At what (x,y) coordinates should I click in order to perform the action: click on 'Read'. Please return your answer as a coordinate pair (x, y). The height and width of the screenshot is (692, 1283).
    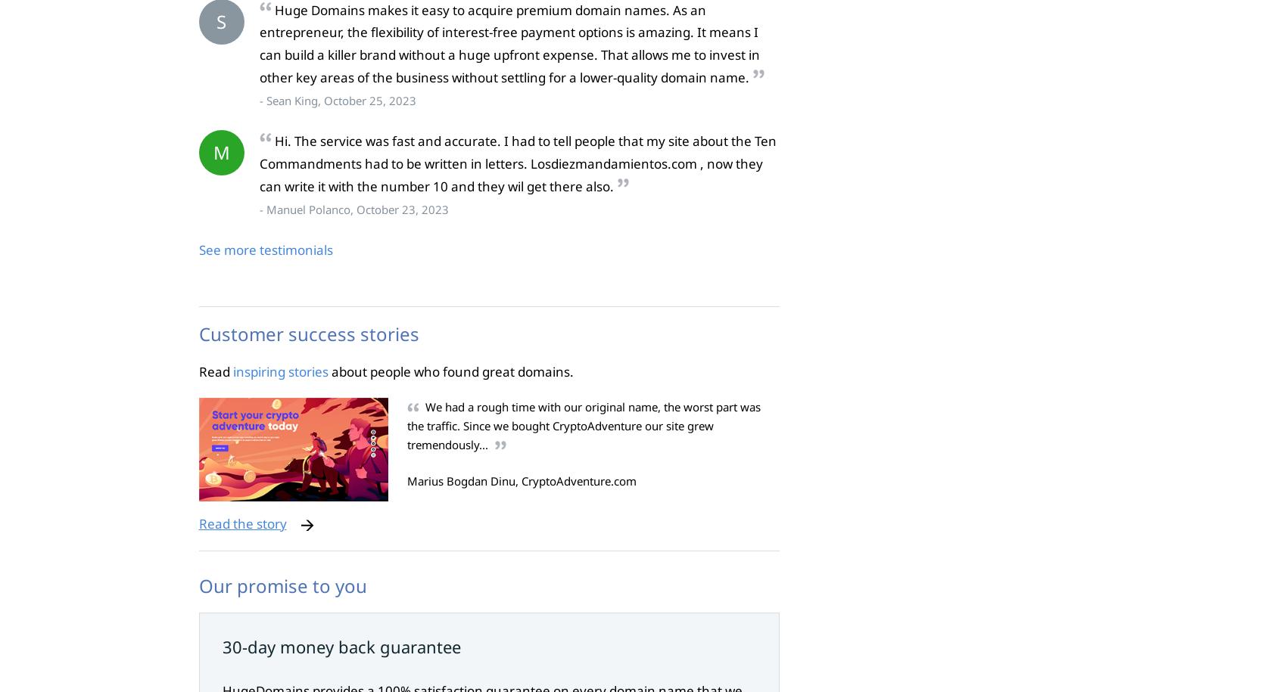
    Looking at the image, I should click on (215, 370).